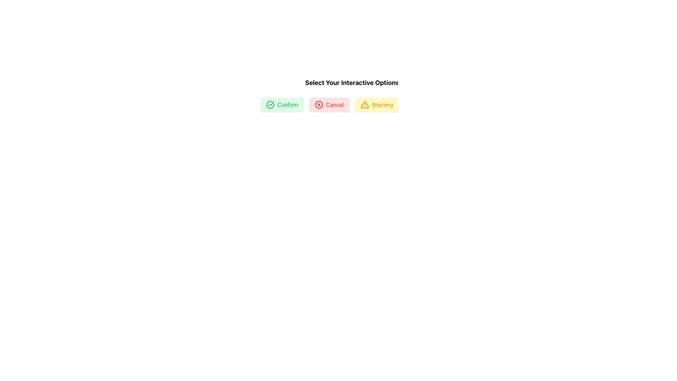  Describe the element at coordinates (364, 105) in the screenshot. I see `the warning icon located to the left of the 'Warning' text label, which is styled with a yellow background and rounded edges` at that location.